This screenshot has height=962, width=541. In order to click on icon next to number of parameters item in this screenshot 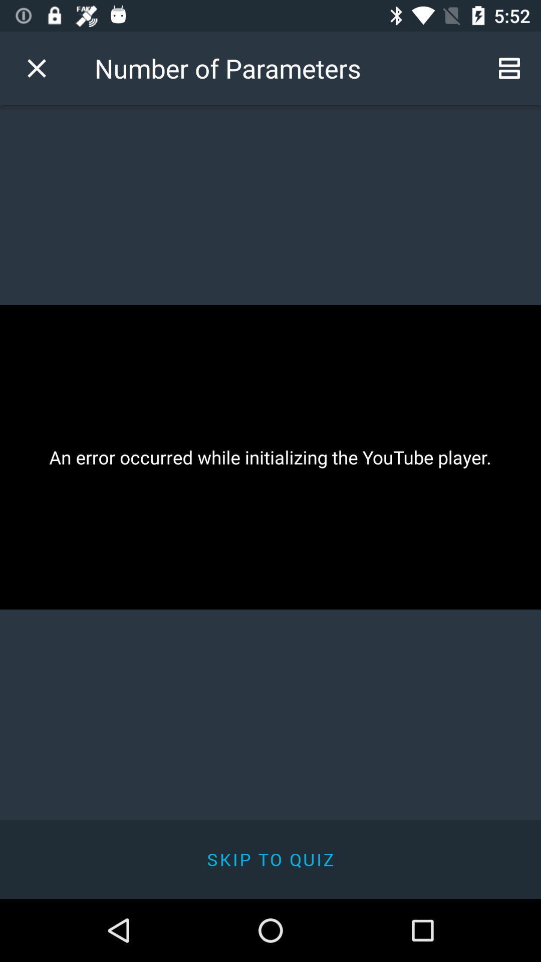, I will do `click(36, 68)`.